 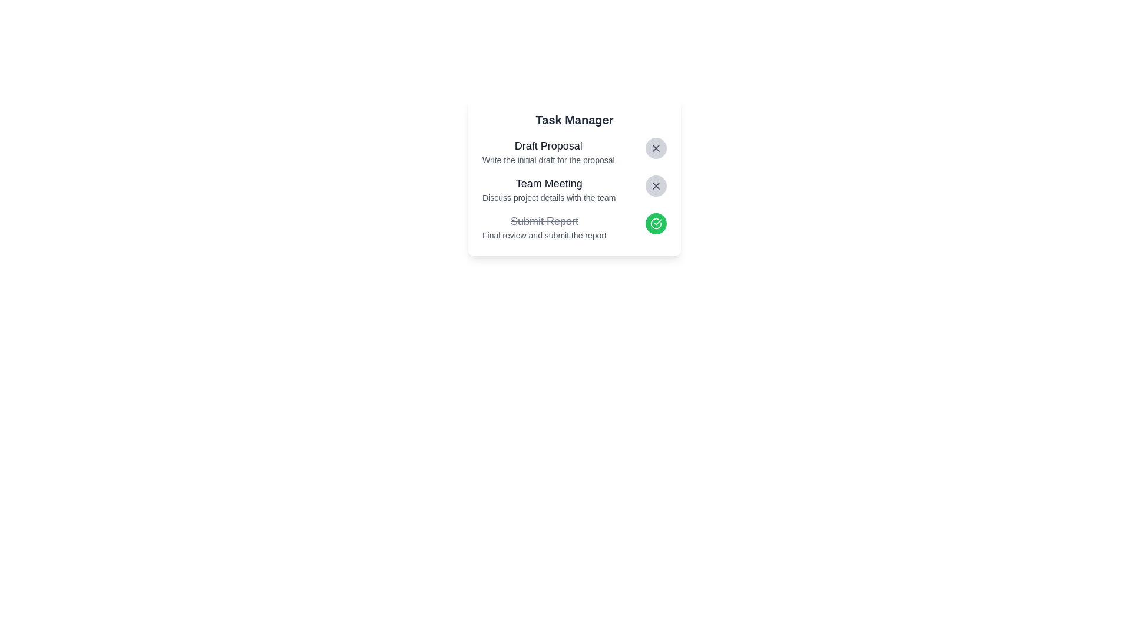 I want to click on task information from the 'Team Meeting' entry in the Task Description Component, which is the second task in the vertically arranged list, so click(x=574, y=177).